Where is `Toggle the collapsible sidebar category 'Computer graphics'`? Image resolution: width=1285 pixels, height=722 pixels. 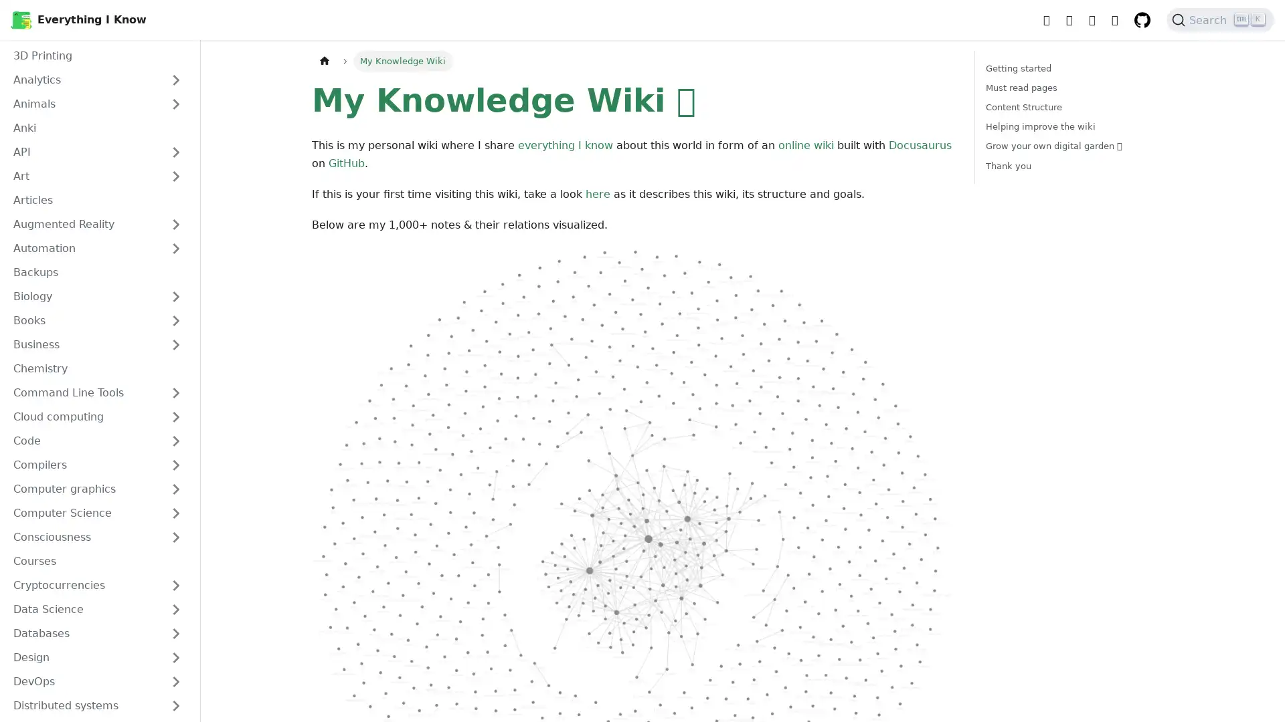 Toggle the collapsible sidebar category 'Computer graphics' is located at coordinates (175, 489).